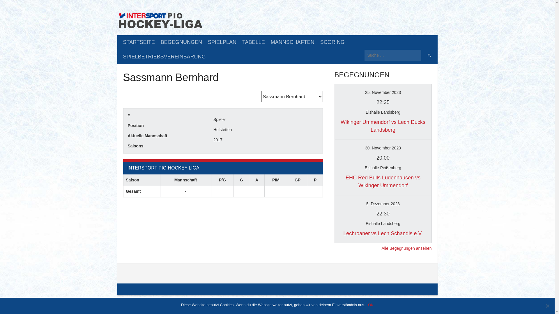  I want to click on 'Suche', so click(429, 55).